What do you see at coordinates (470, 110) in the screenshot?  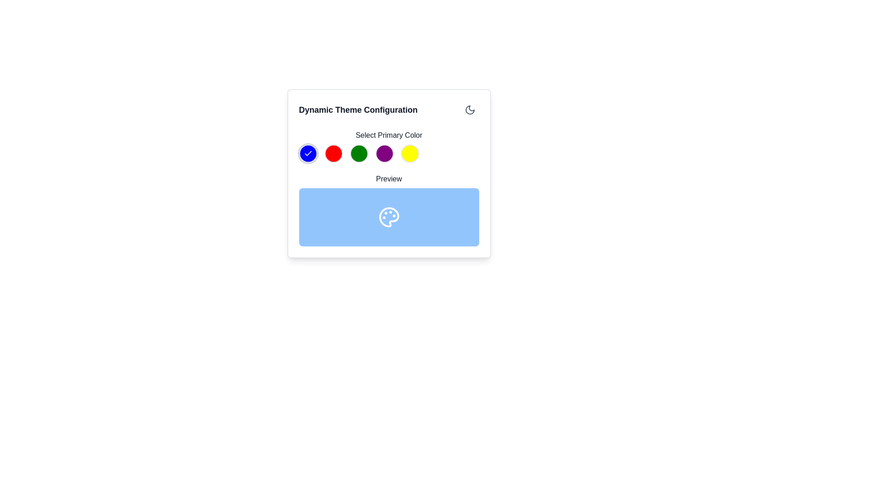 I see `the icon button in the top-right corner of the 'Dynamic Theme Configuration' card` at bounding box center [470, 110].